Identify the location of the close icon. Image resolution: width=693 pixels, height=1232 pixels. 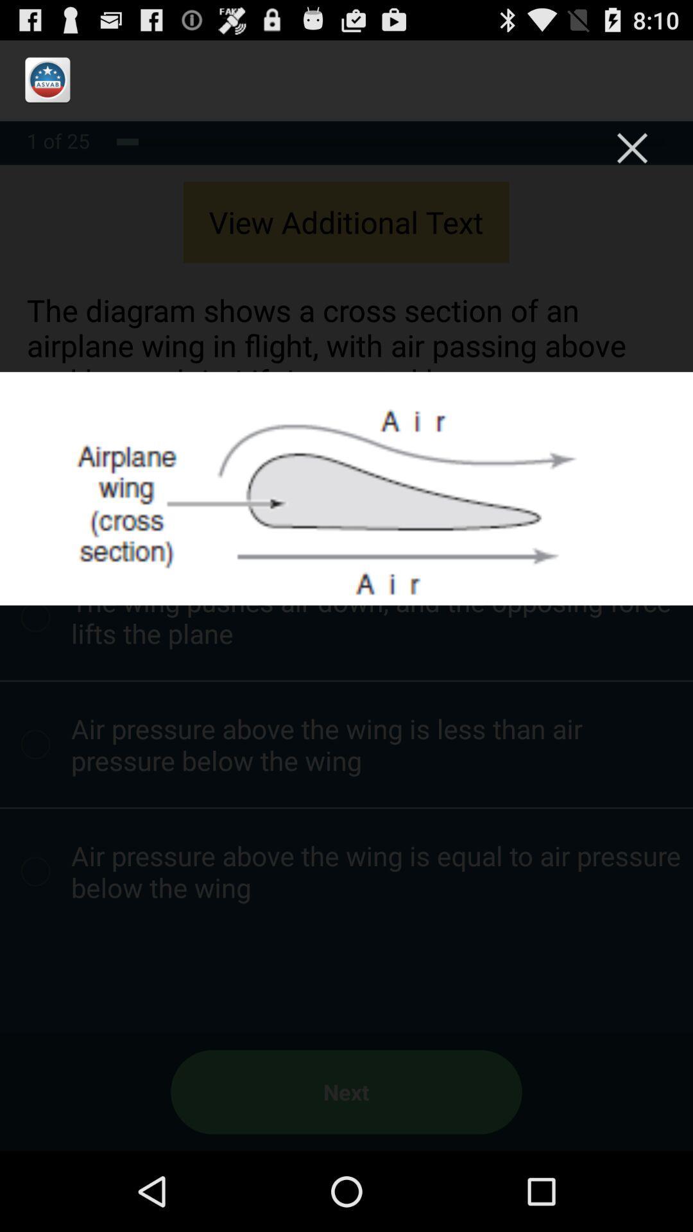
(631, 158).